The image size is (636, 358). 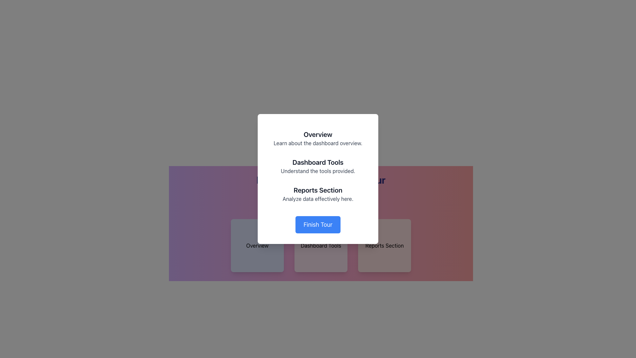 I want to click on the static text that reads 'Analyze data effectively here.' located below the 'Reports Section' heading to observe any potential tooltips or effects, so click(x=318, y=199).